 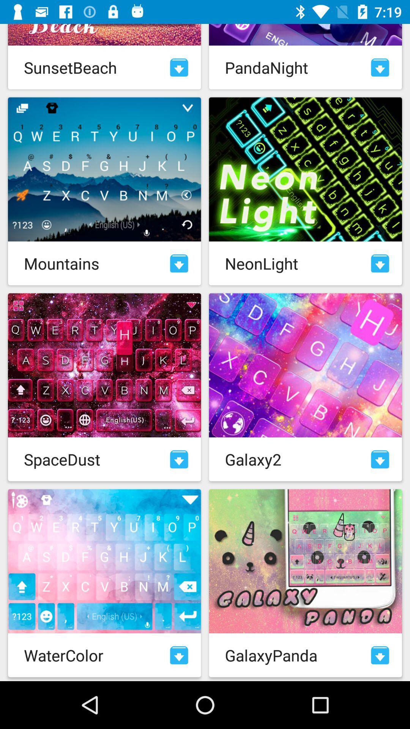 What do you see at coordinates (380, 459) in the screenshot?
I see `download image` at bounding box center [380, 459].